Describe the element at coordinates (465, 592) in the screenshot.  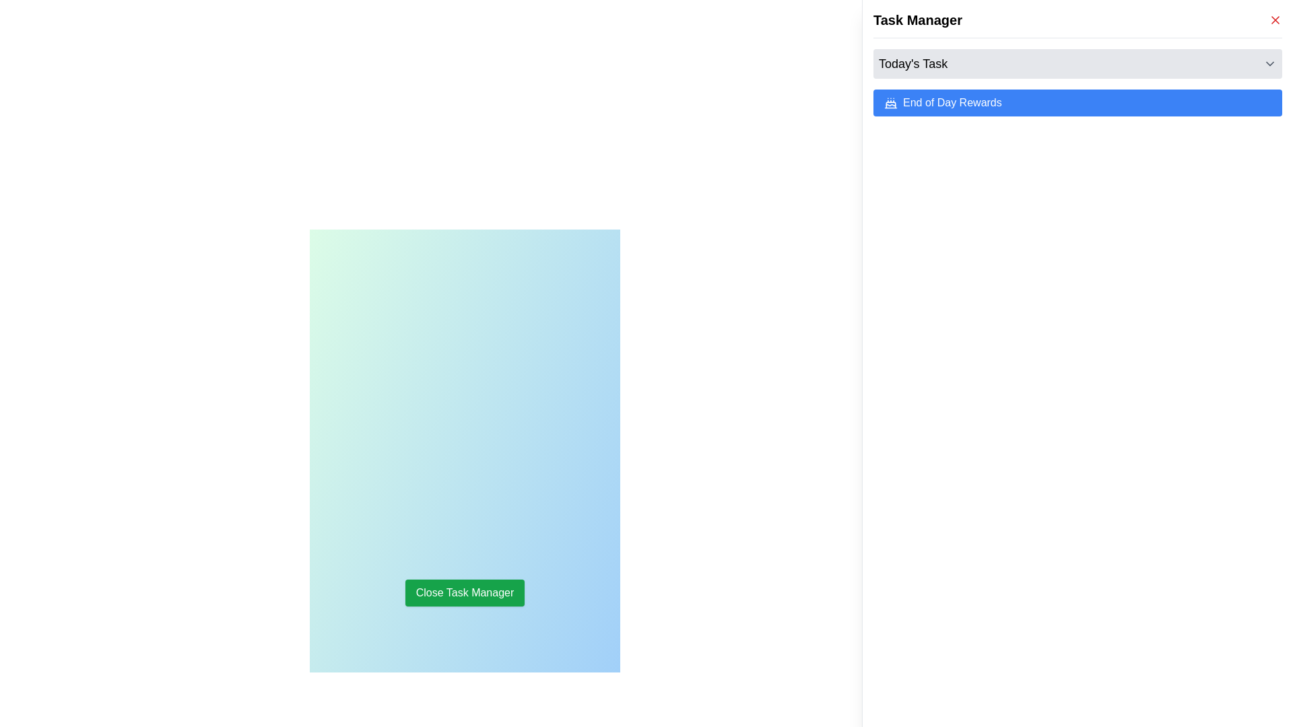
I see `the centrally located button at the bottom of the gradient background area` at that location.